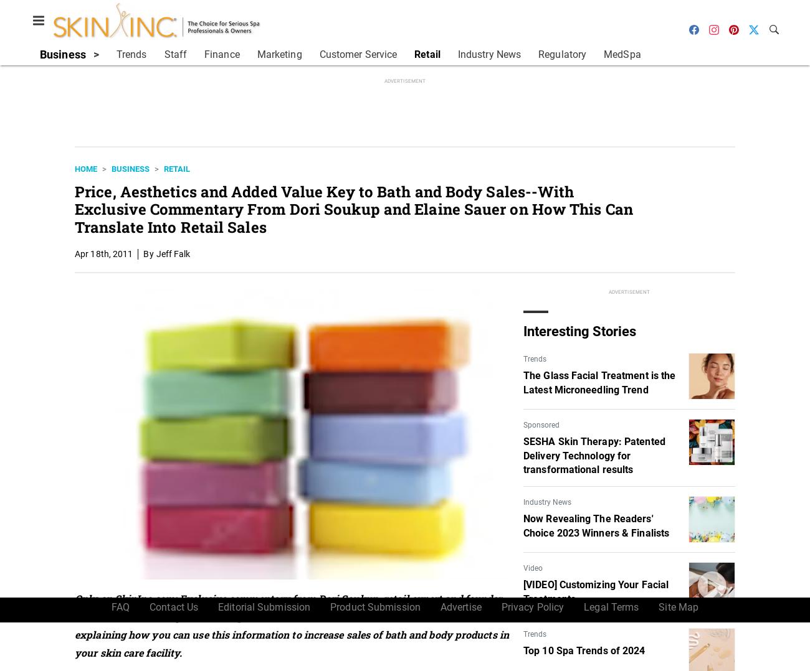 This screenshot has width=810, height=671. What do you see at coordinates (460, 607) in the screenshot?
I see `'Advertise'` at bounding box center [460, 607].